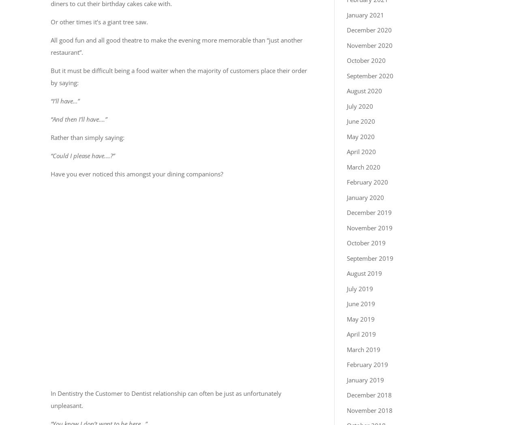 The width and height of the screenshot is (507, 425). I want to click on 'August 2019', so click(364, 273).